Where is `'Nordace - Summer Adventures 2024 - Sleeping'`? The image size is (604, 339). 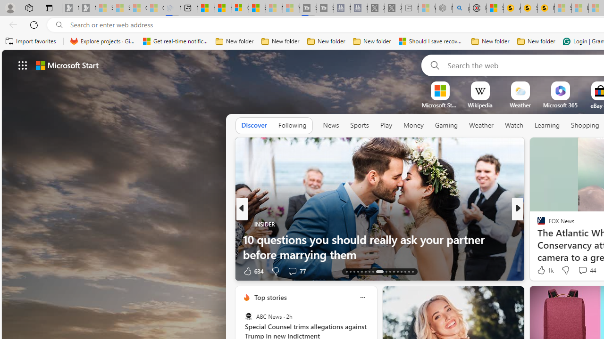
'Nordace - Summer Adventures 2024 - Sleeping' is located at coordinates (444, 8).